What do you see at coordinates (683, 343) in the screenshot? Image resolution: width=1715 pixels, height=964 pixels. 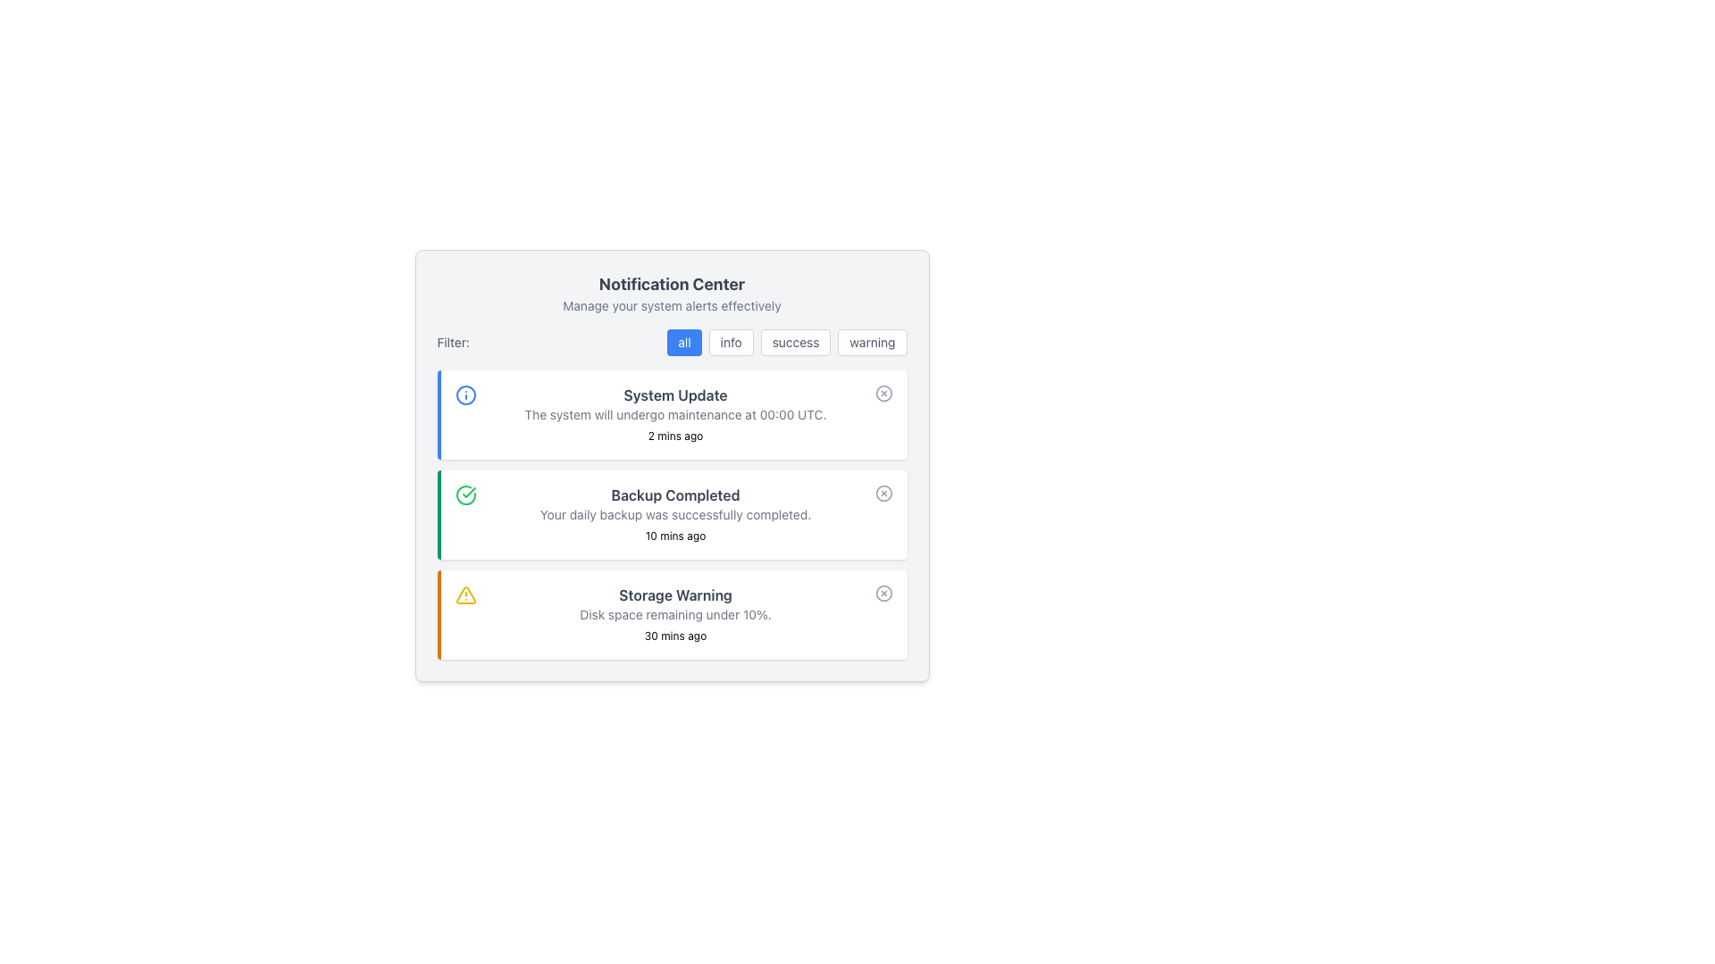 I see `the leftmost filter button located beneath the 'Filter:' label` at bounding box center [683, 343].